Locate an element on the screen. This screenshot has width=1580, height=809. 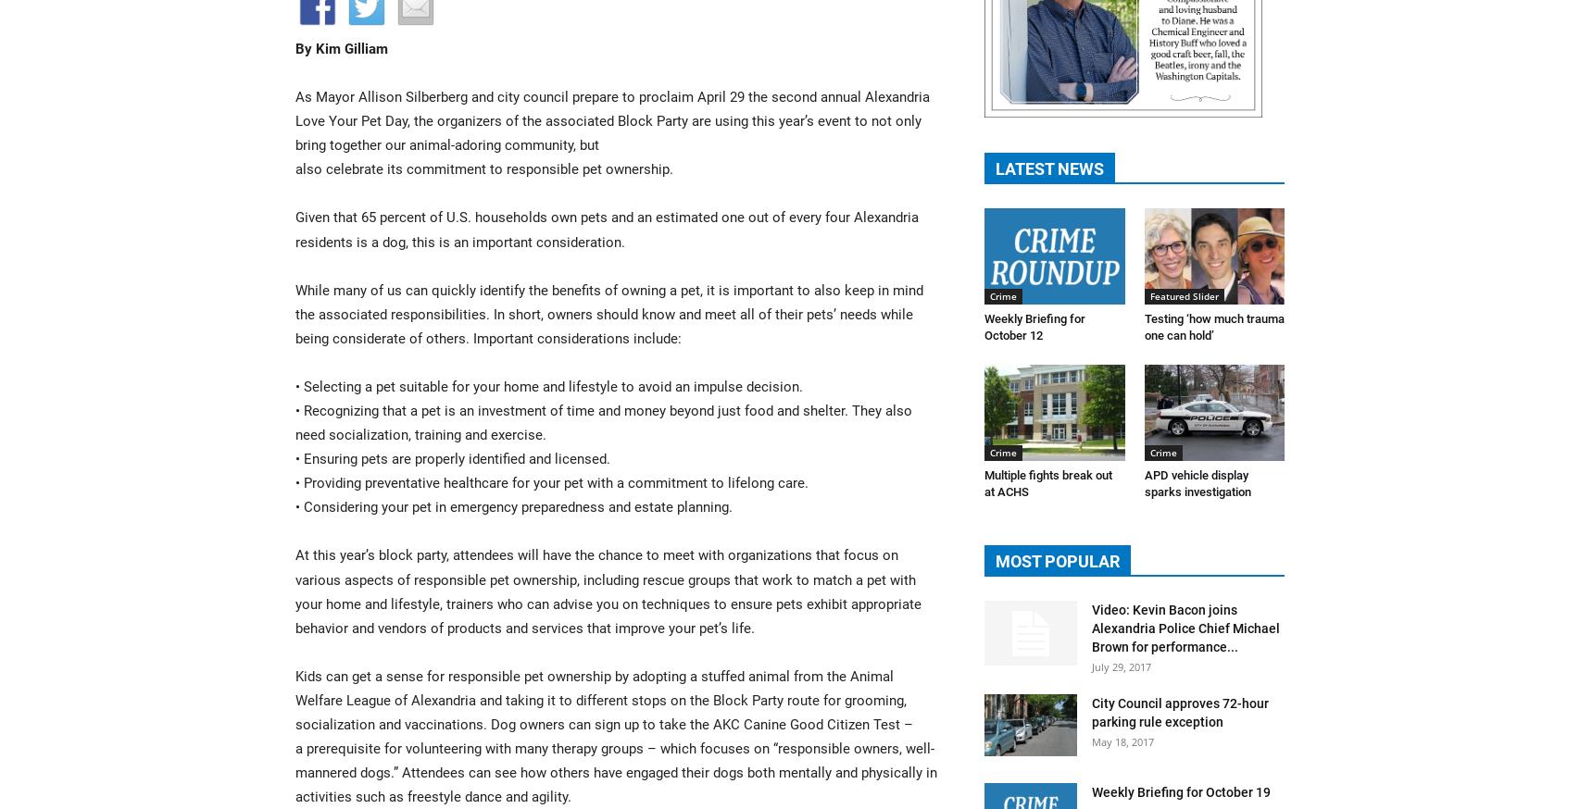
'Video: Kevin Bacon joins Alexandria Police Chief Michael Brown for performance...' is located at coordinates (1185, 629).